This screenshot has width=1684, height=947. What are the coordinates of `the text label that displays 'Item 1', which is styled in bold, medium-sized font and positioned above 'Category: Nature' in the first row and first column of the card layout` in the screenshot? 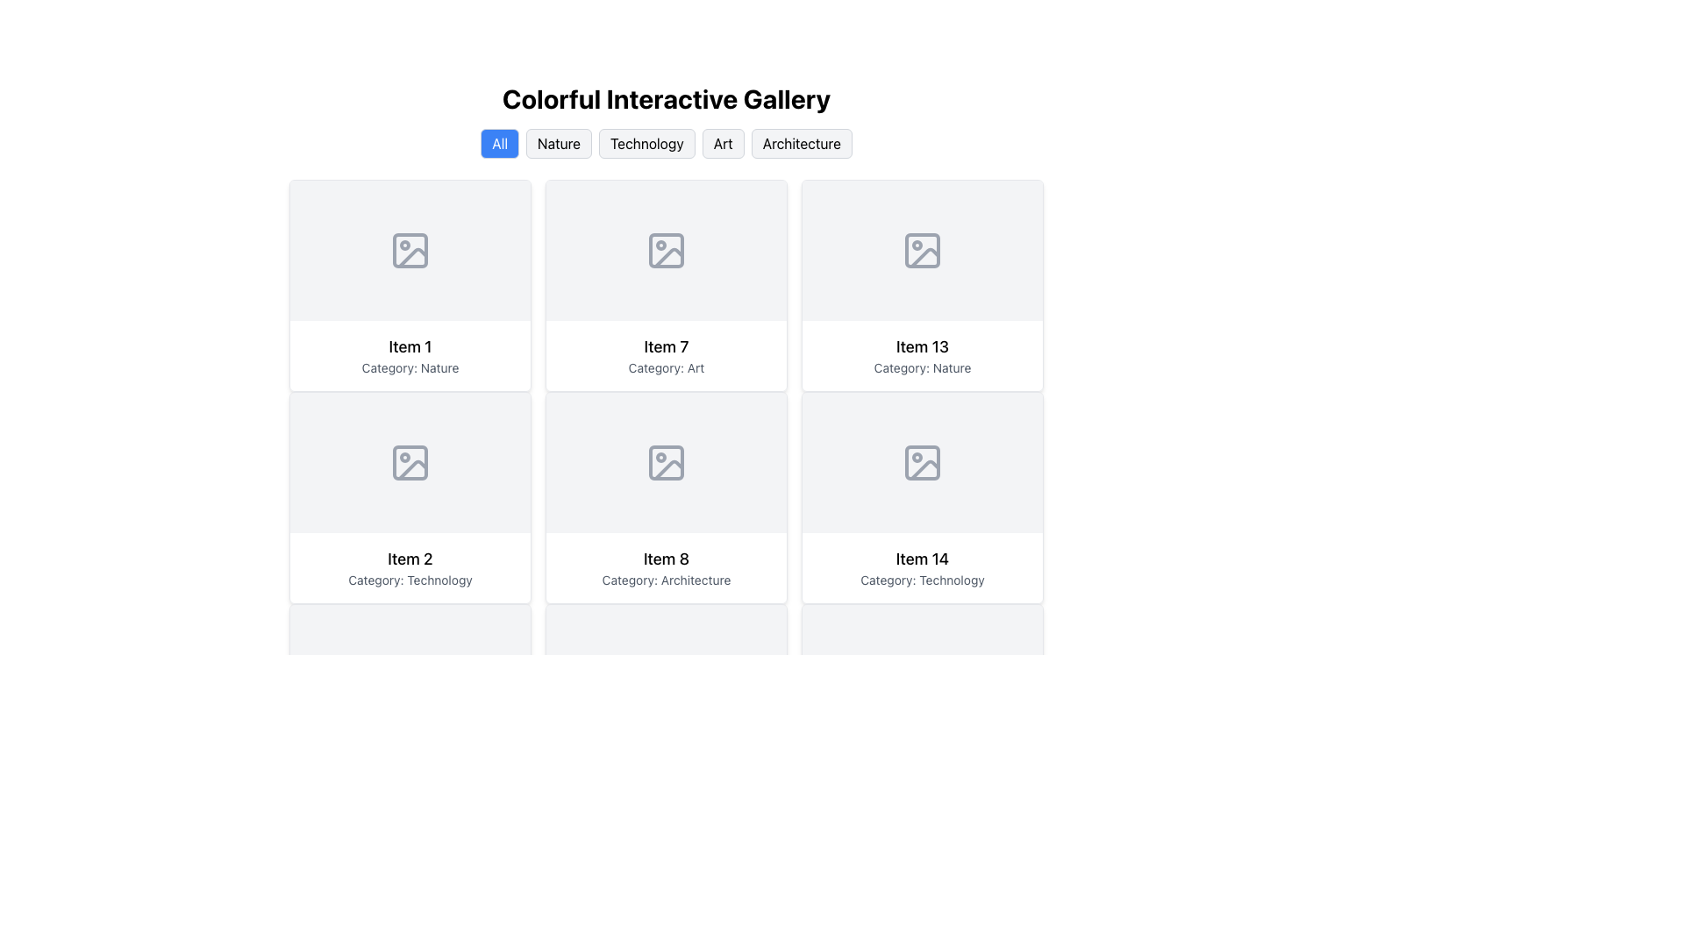 It's located at (409, 347).